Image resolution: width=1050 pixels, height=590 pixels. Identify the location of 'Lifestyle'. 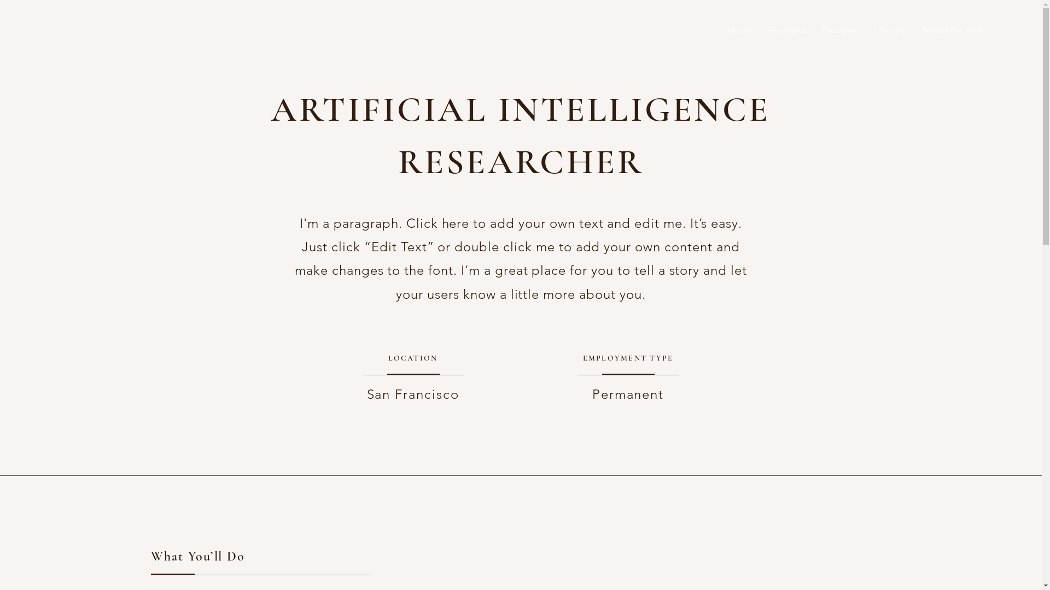
(890, 30).